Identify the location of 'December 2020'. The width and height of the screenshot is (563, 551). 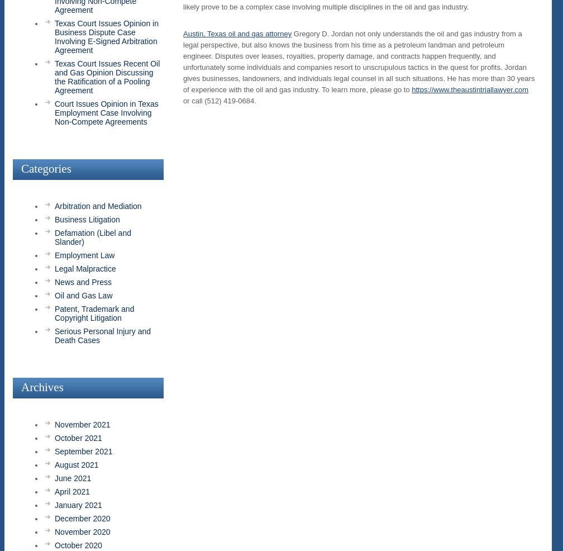
(82, 519).